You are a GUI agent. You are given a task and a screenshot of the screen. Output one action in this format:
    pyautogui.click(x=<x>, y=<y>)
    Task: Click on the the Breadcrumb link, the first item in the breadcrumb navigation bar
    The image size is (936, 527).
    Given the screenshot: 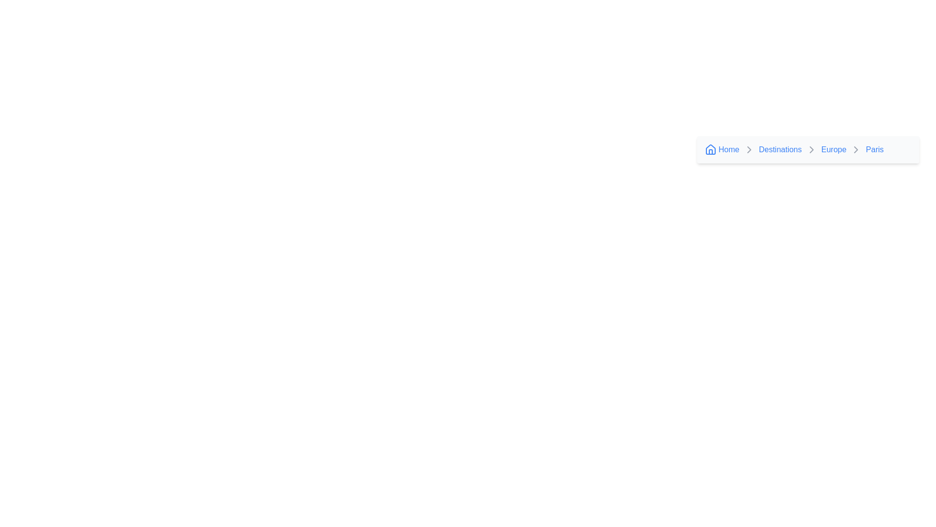 What is the action you would take?
    pyautogui.click(x=732, y=150)
    